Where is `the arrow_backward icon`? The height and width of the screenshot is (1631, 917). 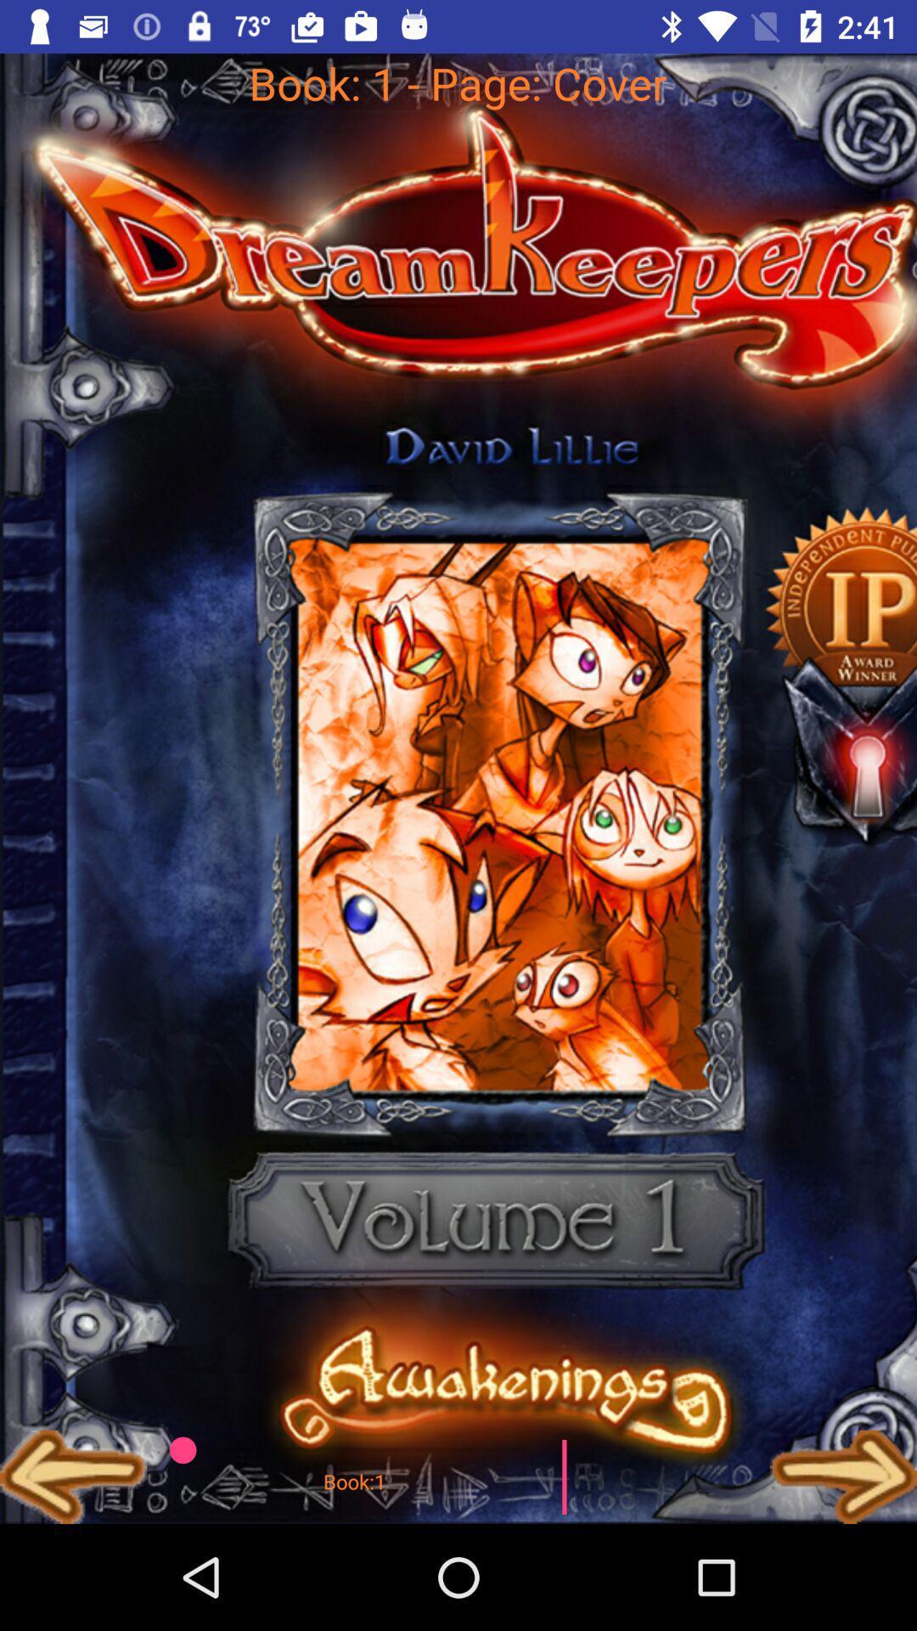 the arrow_backward icon is located at coordinates (72, 1476).